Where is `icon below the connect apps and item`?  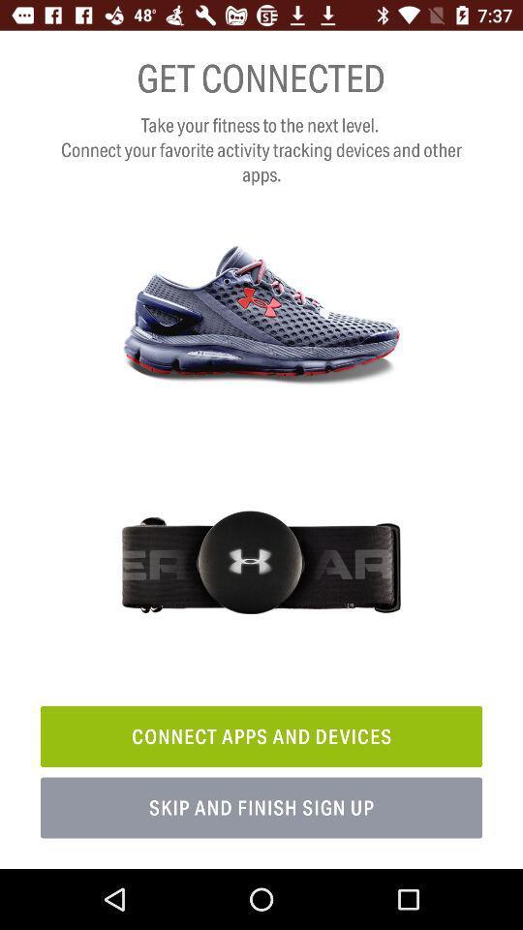 icon below the connect apps and item is located at coordinates (261, 808).